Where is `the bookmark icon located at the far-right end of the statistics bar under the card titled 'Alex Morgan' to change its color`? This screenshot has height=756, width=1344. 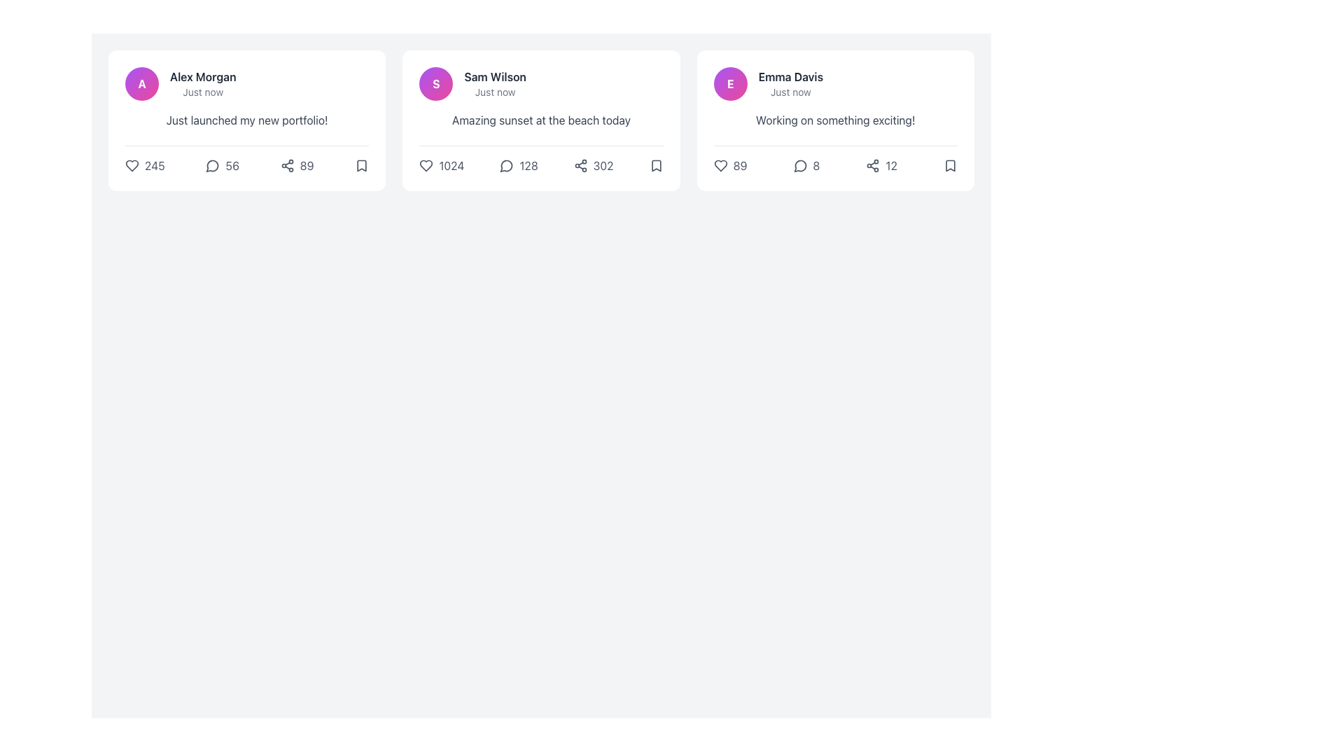 the bookmark icon located at the far-right end of the statistics bar under the card titled 'Alex Morgan' to change its color is located at coordinates (362, 164).